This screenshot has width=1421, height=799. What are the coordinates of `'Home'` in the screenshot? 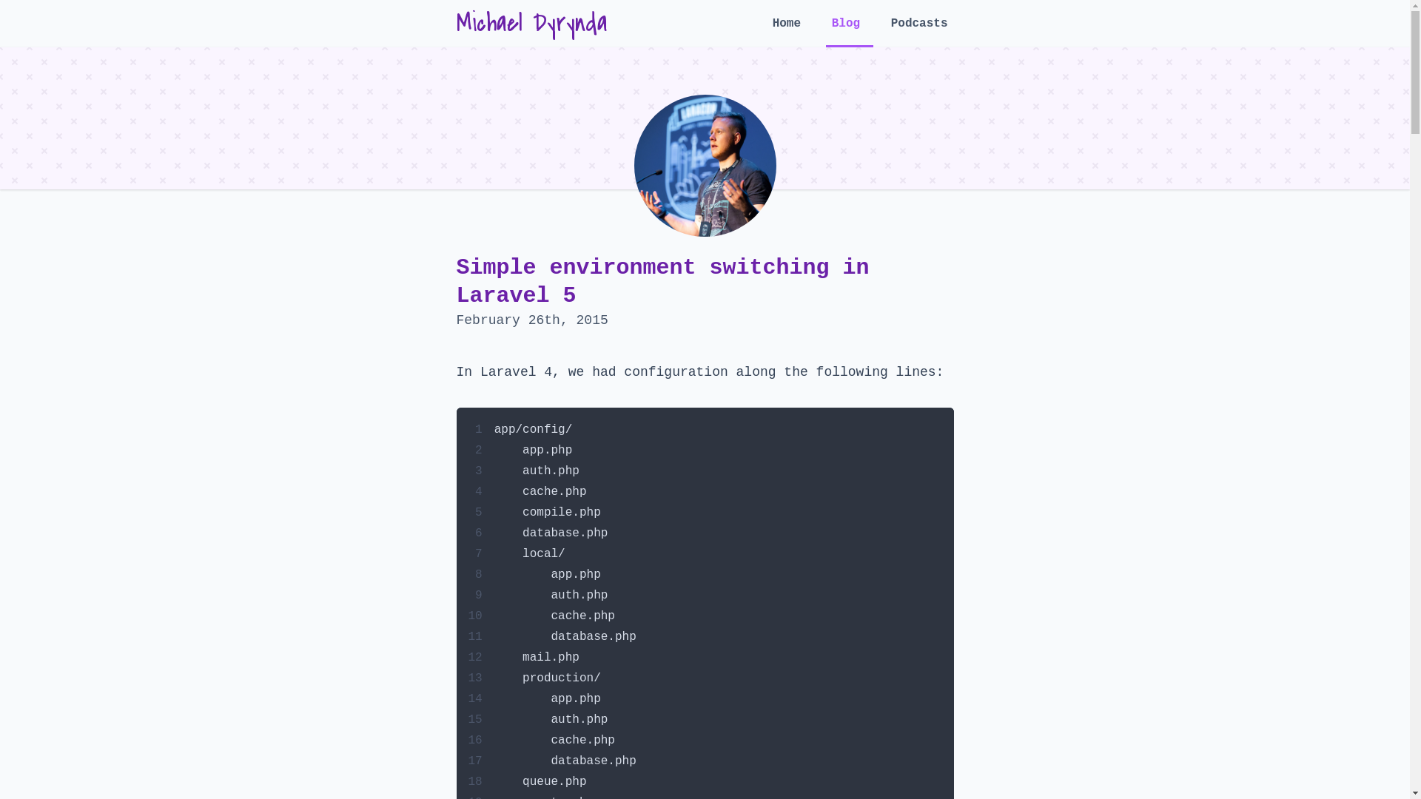 It's located at (789, 31).